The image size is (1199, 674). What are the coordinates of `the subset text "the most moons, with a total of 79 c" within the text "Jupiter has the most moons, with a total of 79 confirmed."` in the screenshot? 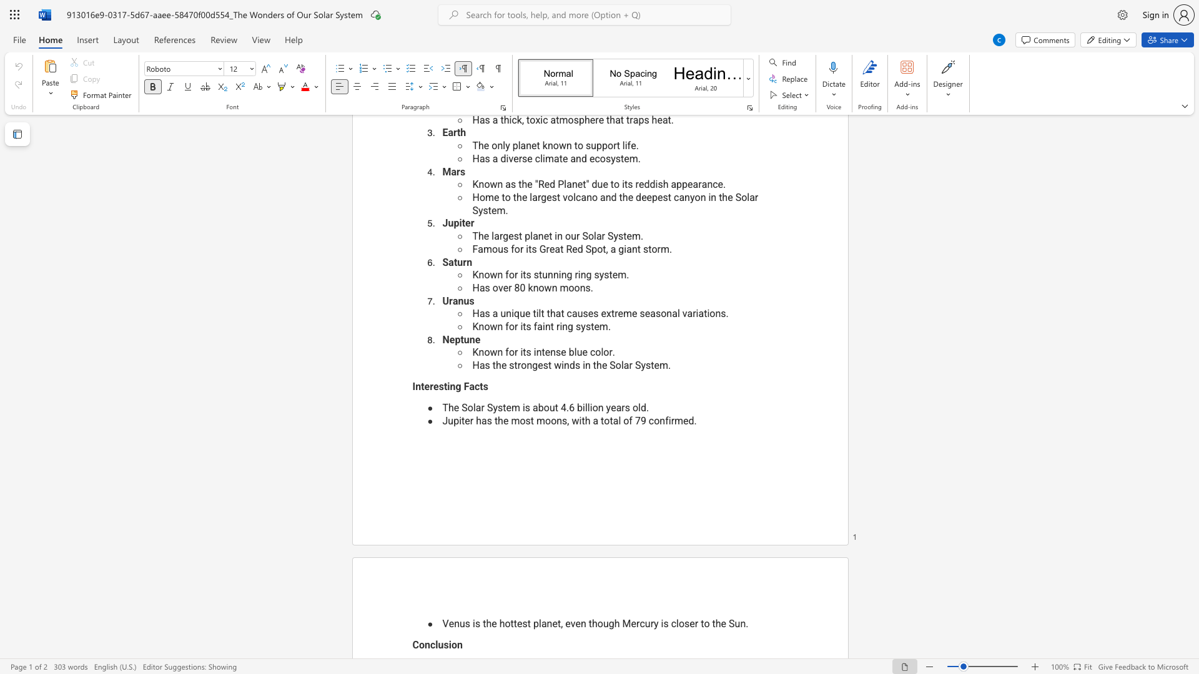 It's located at (493, 421).